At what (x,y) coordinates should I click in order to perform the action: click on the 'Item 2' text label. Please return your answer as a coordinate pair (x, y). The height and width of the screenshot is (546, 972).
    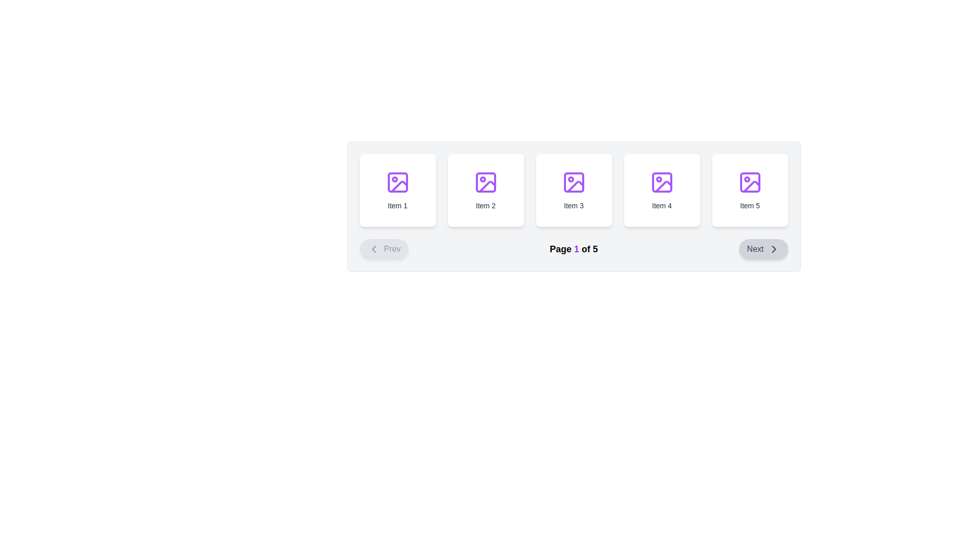
    Looking at the image, I should click on (485, 205).